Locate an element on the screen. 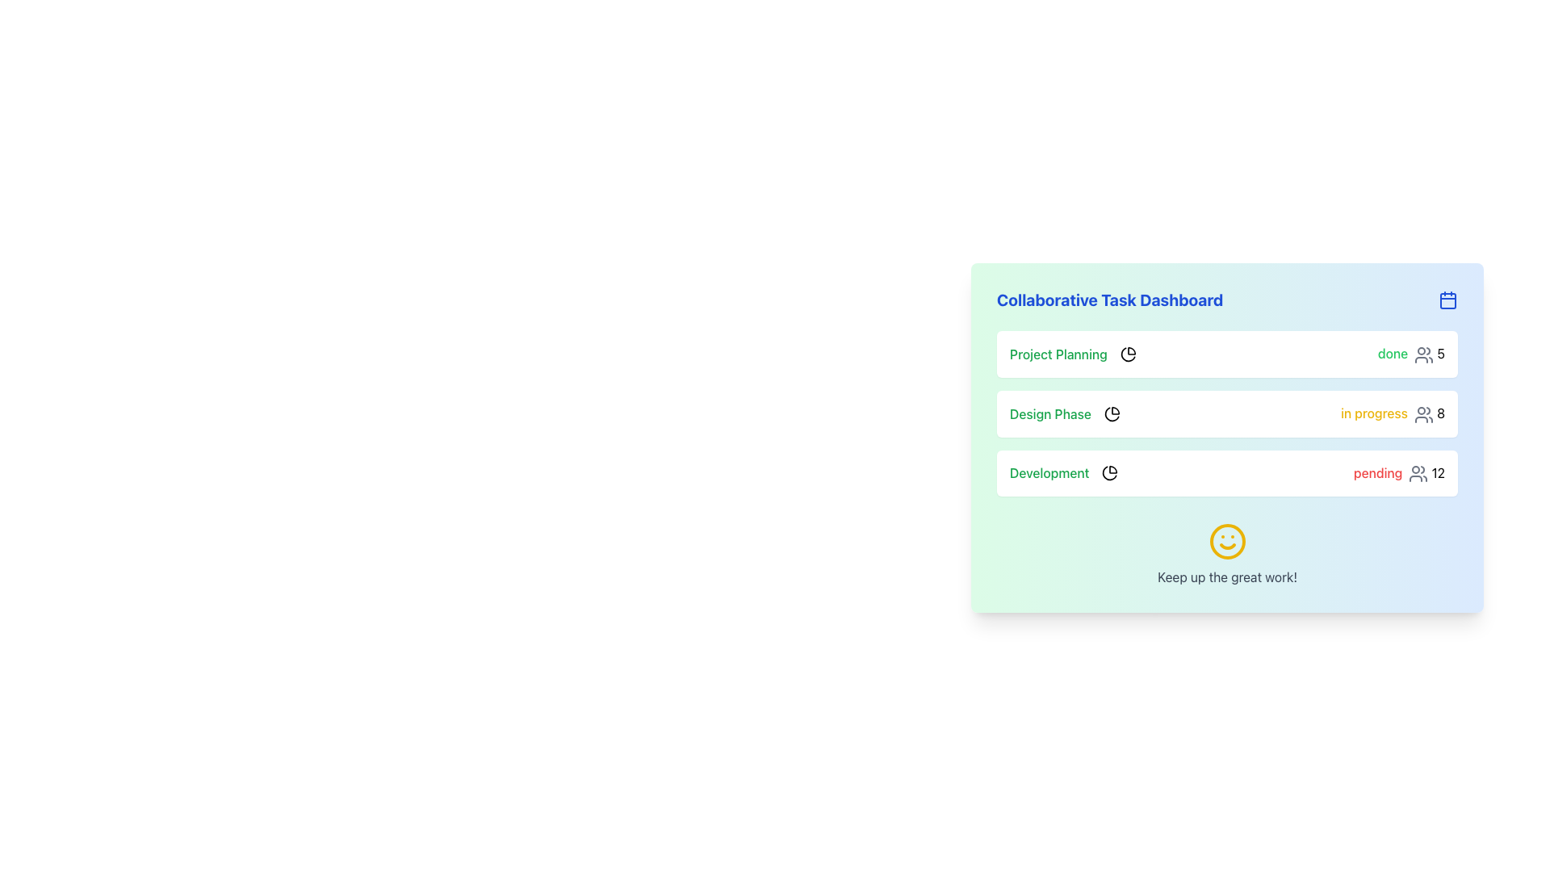 This screenshot has height=872, width=1550. the text label displaying 'pending' in bold red color, located in the 'Development' section of the dashboard interface is located at coordinates (1377, 472).